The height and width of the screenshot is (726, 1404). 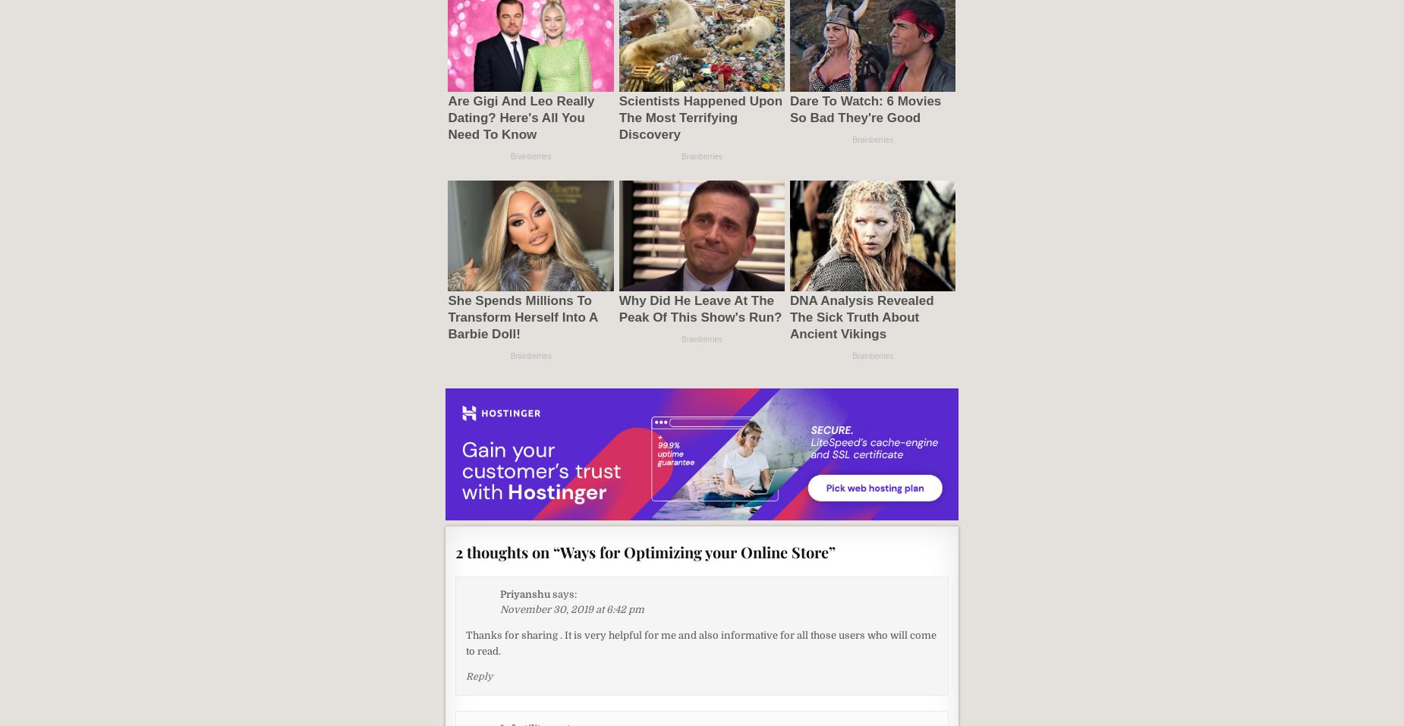 What do you see at coordinates (701, 642) in the screenshot?
I see `'Thanks for sharing . It is very helpful for me and also informative for all those users who will come to read.'` at bounding box center [701, 642].